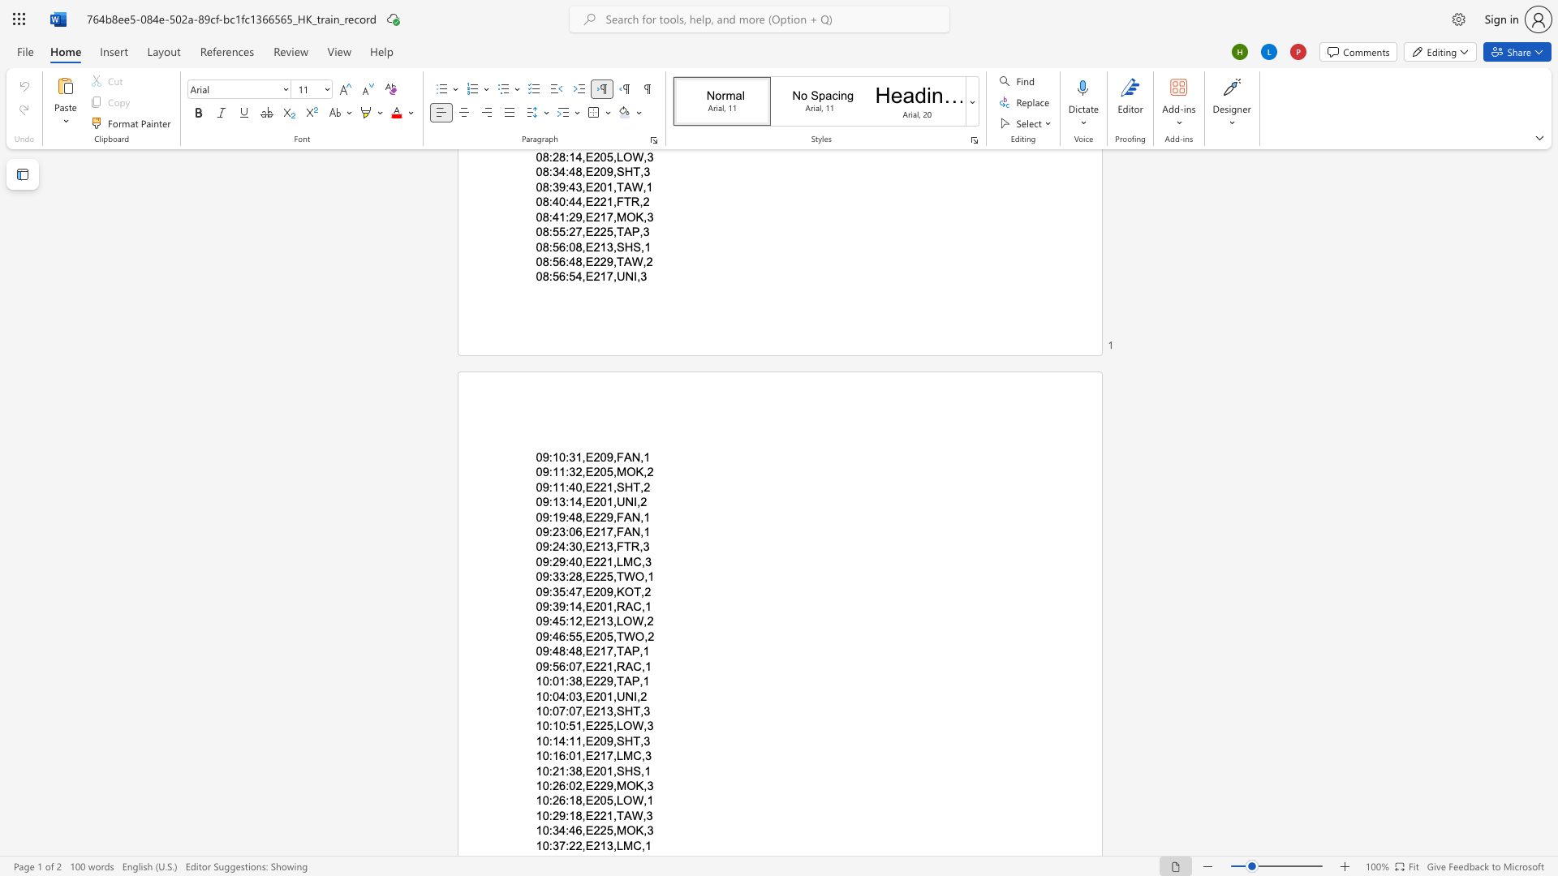 The image size is (1558, 876). I want to click on the subset text "S," within the text "10:21:38,E201,SHS,1", so click(632, 770).